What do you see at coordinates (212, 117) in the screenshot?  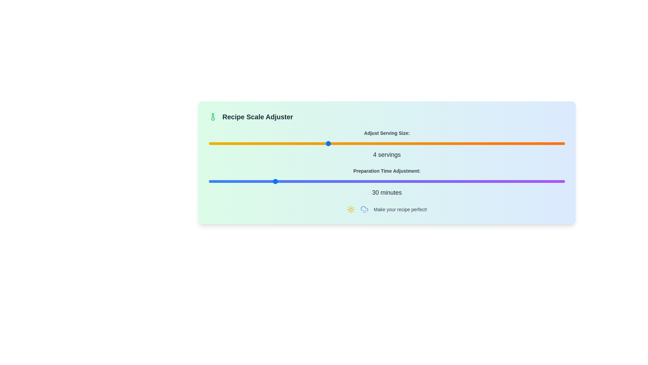 I see `the thermometer icon located near the top-left corner of the interface, adjacent to the 'Recipe Scale Adjuster' text` at bounding box center [212, 117].